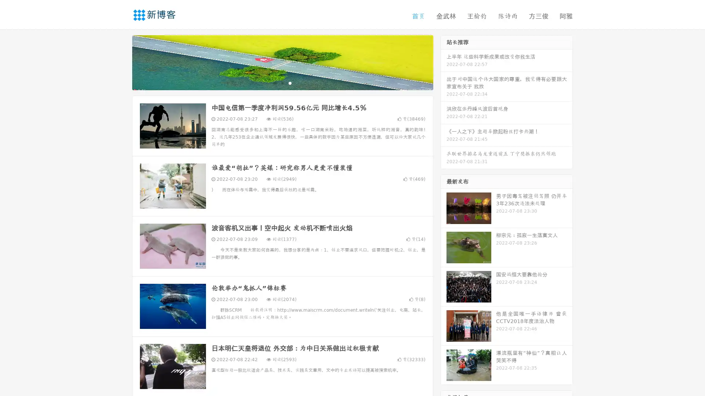 The width and height of the screenshot is (705, 396). I want to click on Go to slide 3, so click(290, 82).